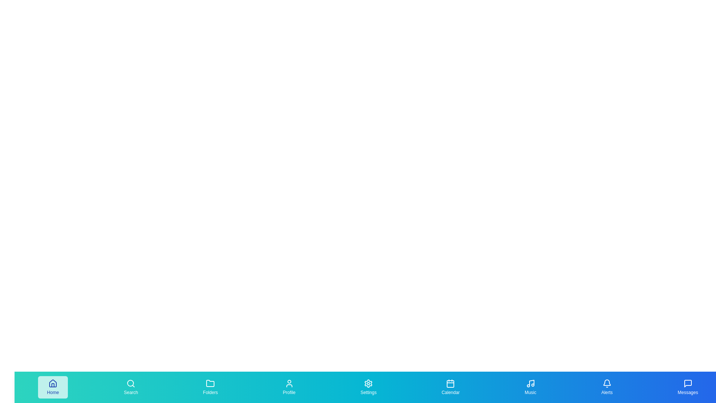 The width and height of the screenshot is (716, 403). I want to click on the 'Messages' tab to activate it, so click(687, 387).